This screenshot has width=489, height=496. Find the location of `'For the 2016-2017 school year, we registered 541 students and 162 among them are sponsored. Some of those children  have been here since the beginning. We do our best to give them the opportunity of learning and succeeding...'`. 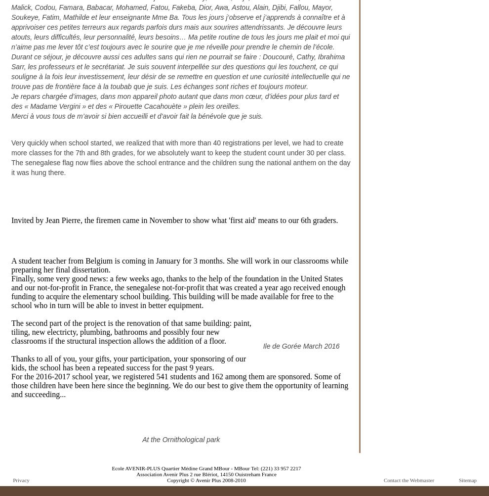

'For the 2016-2017 school year, we registered 541 students and 162 among them are sponsored. Some of those children  have been here since the beginning. We do our best to give them the opportunity of learning and succeeding...' is located at coordinates (10, 385).